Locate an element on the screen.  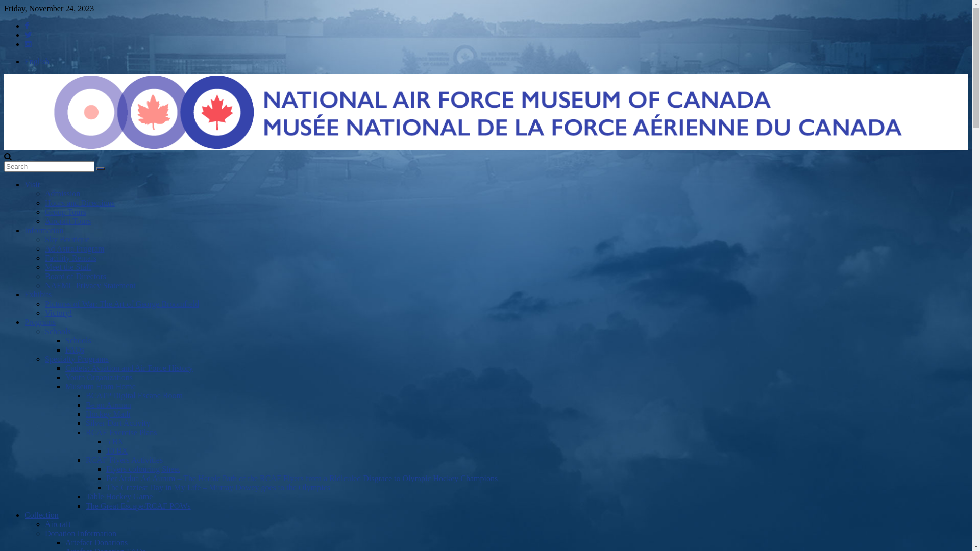
'Meet the Staff' is located at coordinates (67, 266).